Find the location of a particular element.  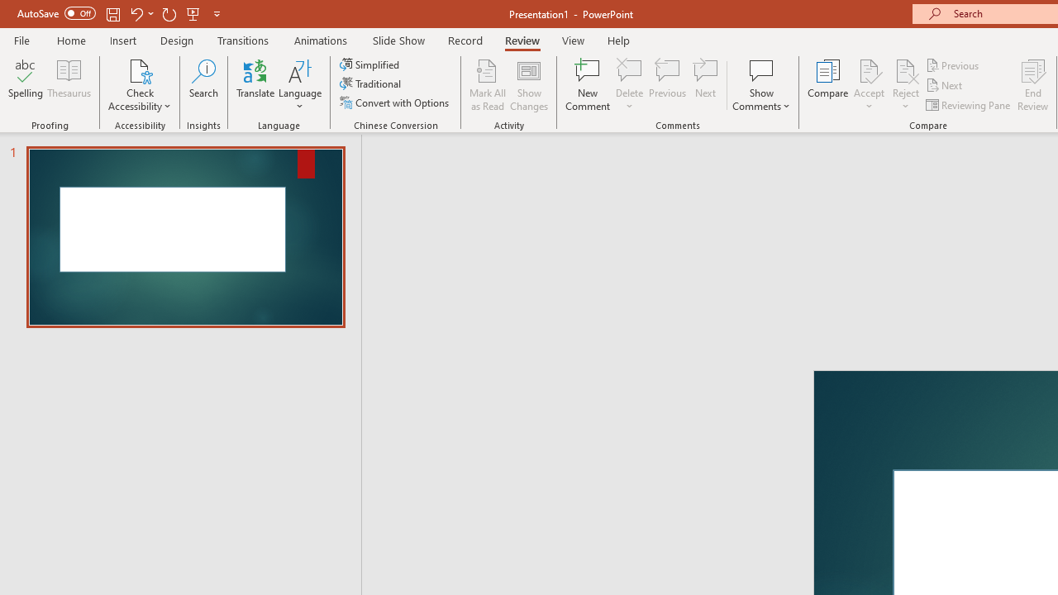

'Transitions' is located at coordinates (243, 40).